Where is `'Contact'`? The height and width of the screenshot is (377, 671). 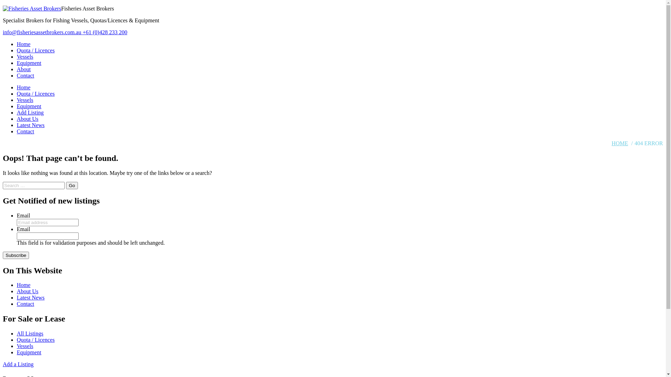 'Contact' is located at coordinates (25, 303).